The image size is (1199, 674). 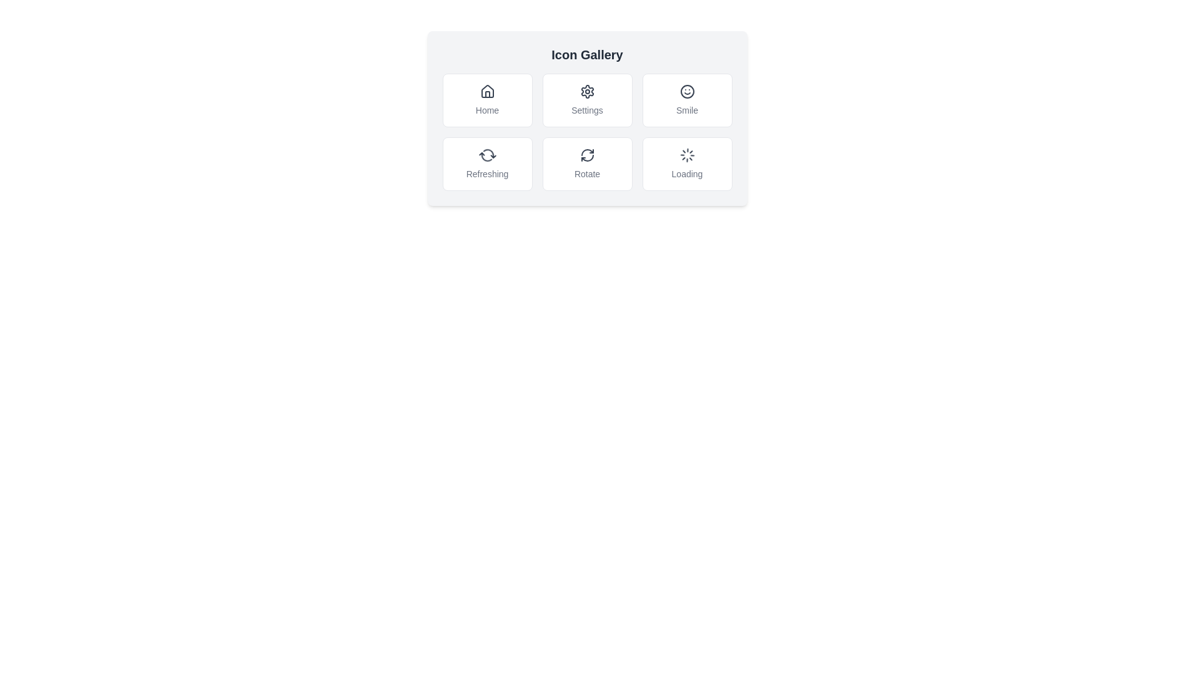 What do you see at coordinates (486, 155) in the screenshot?
I see `the refresh icon located in the 'Refreshing' card, which is positioned in the third row, first column of the icon gallery` at bounding box center [486, 155].